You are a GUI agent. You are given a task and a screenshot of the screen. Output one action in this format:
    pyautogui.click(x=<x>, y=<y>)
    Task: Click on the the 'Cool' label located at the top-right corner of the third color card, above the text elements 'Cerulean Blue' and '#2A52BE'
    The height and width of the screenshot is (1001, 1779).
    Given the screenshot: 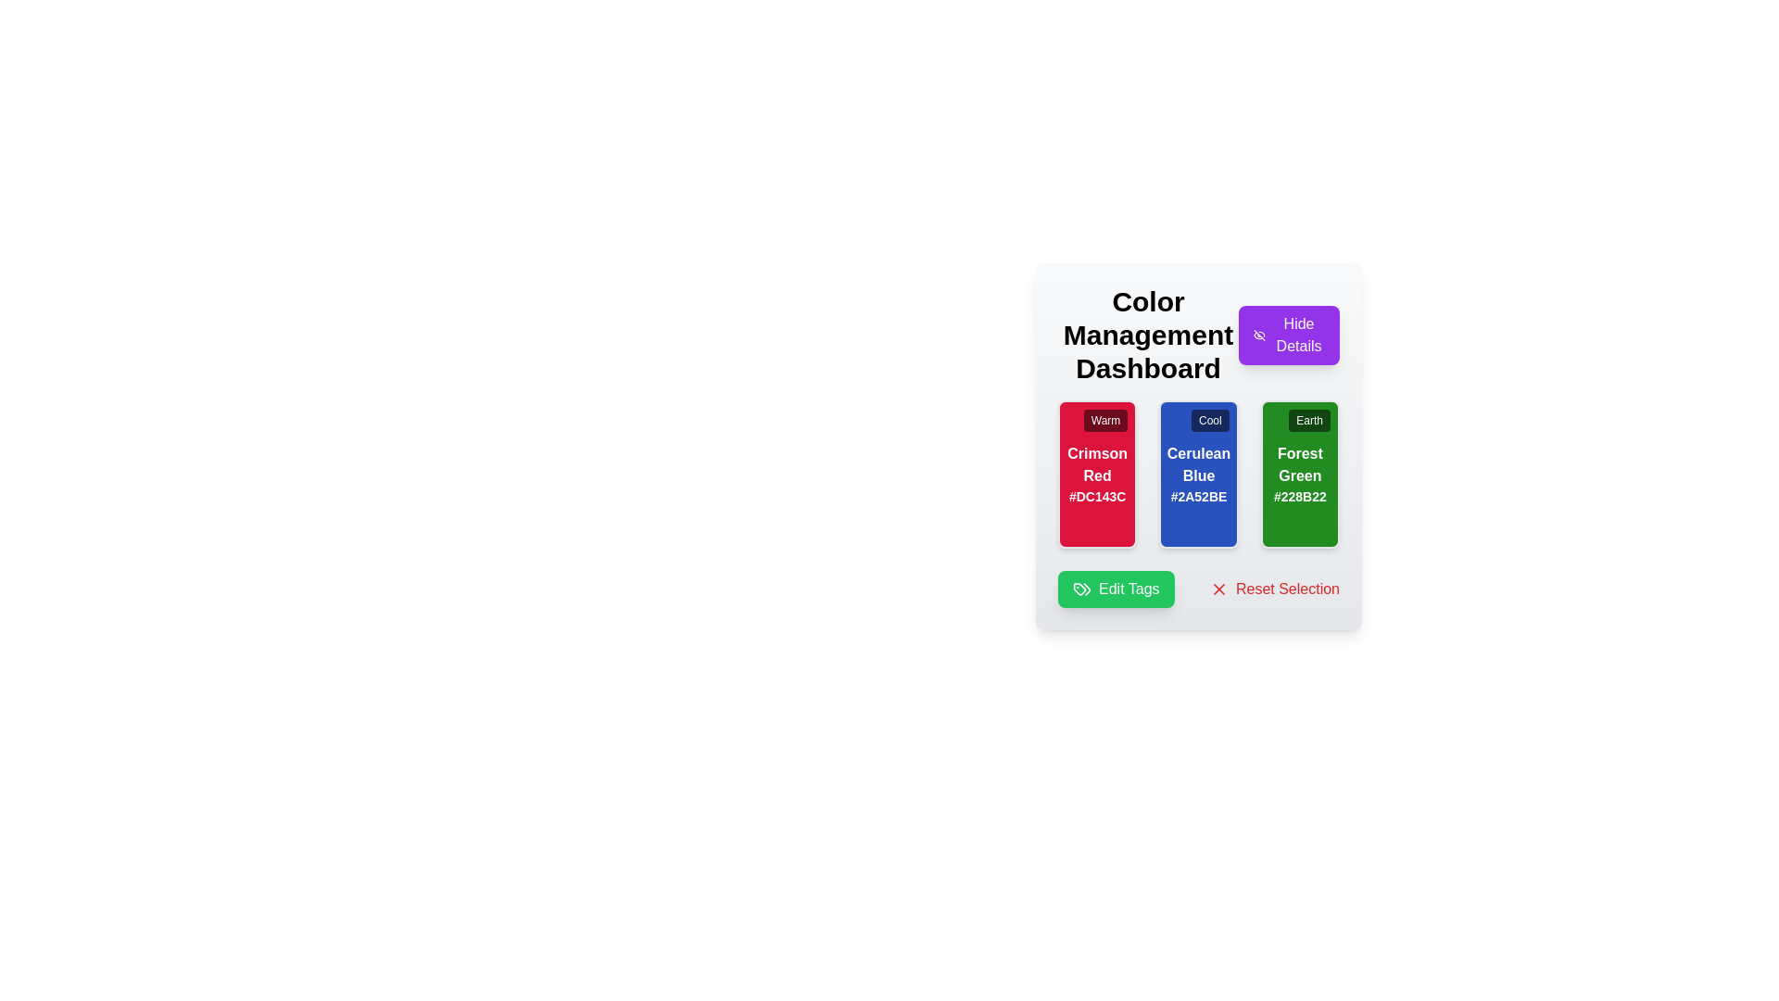 What is the action you would take?
    pyautogui.click(x=1210, y=421)
    